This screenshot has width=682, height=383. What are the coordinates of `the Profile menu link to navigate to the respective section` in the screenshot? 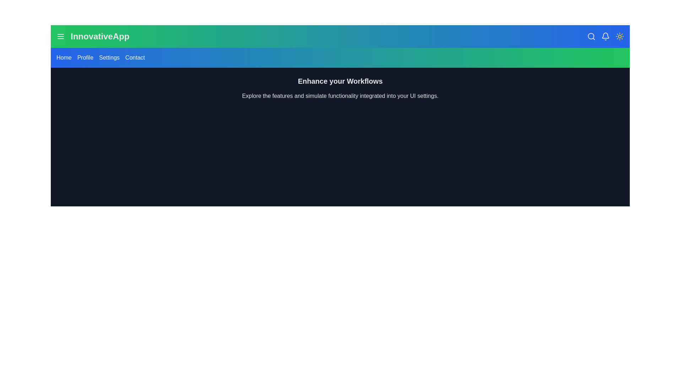 It's located at (85, 57).